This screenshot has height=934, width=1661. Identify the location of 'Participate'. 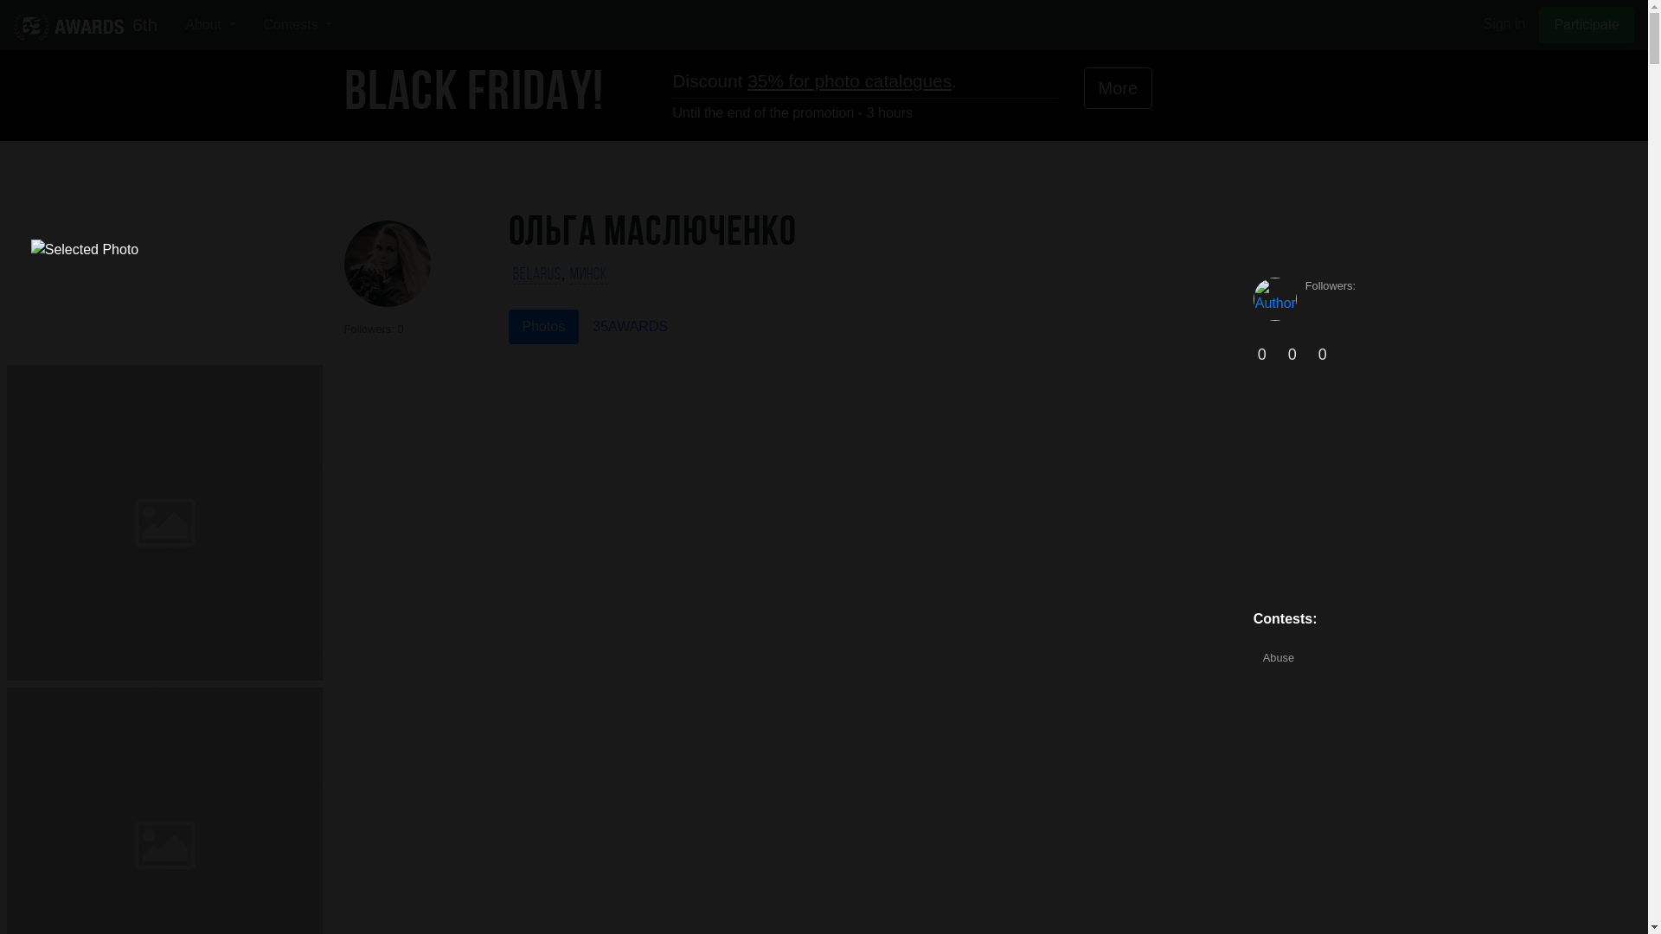
(1539, 25).